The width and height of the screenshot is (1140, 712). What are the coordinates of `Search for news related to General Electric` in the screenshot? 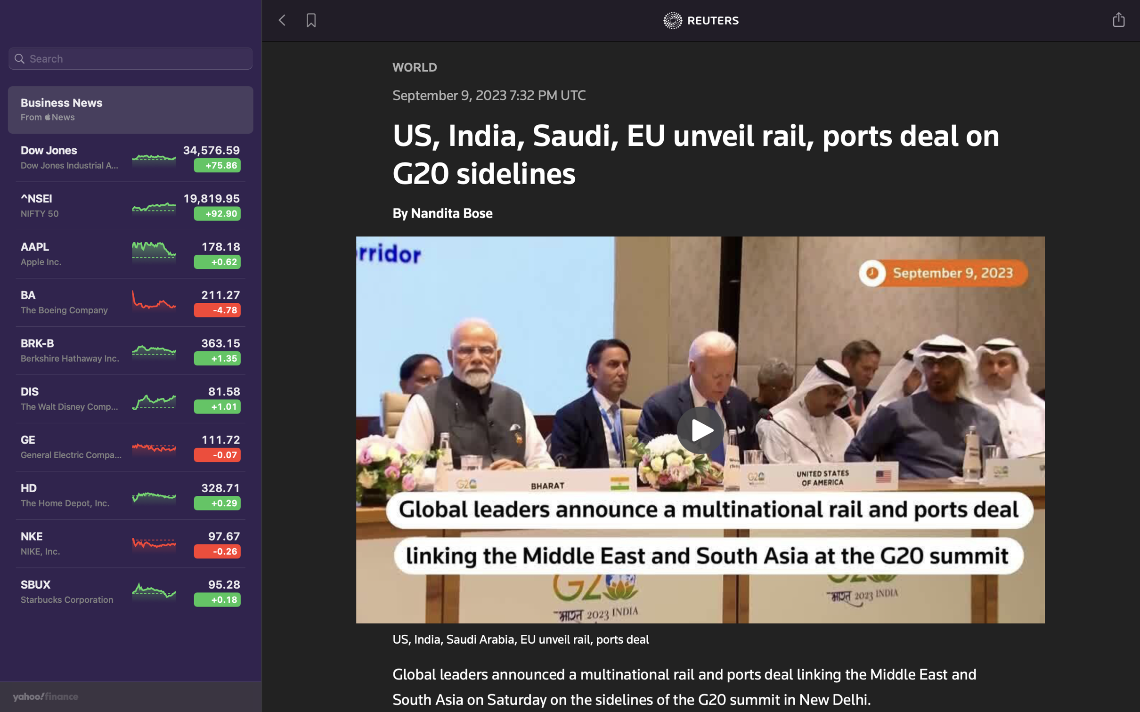 It's located at (131, 60).